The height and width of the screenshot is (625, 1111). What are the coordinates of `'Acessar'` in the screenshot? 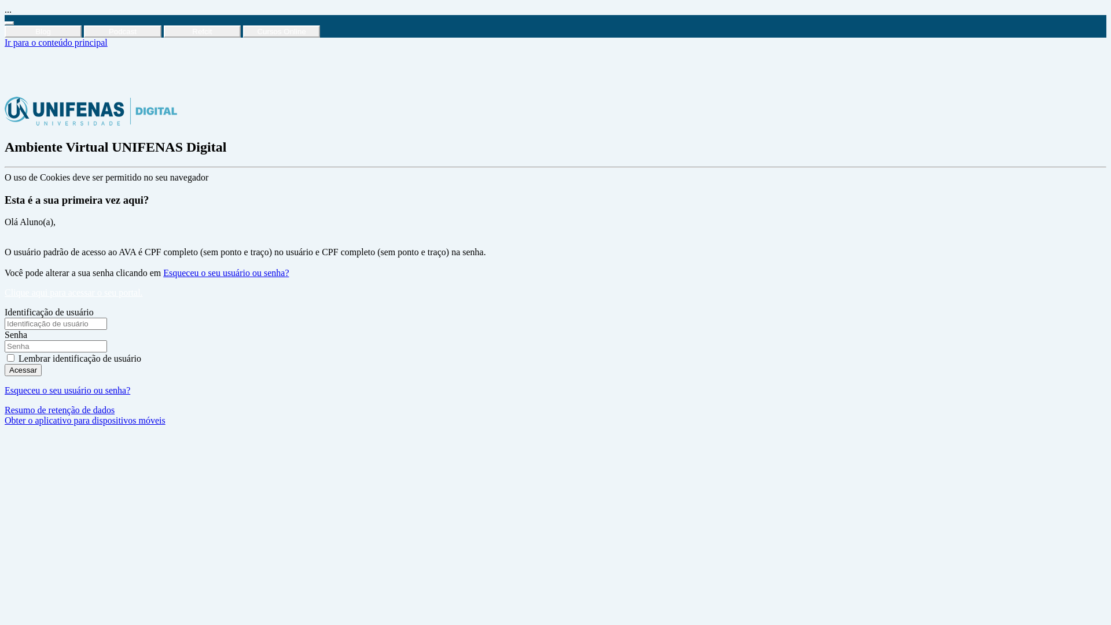 It's located at (23, 370).